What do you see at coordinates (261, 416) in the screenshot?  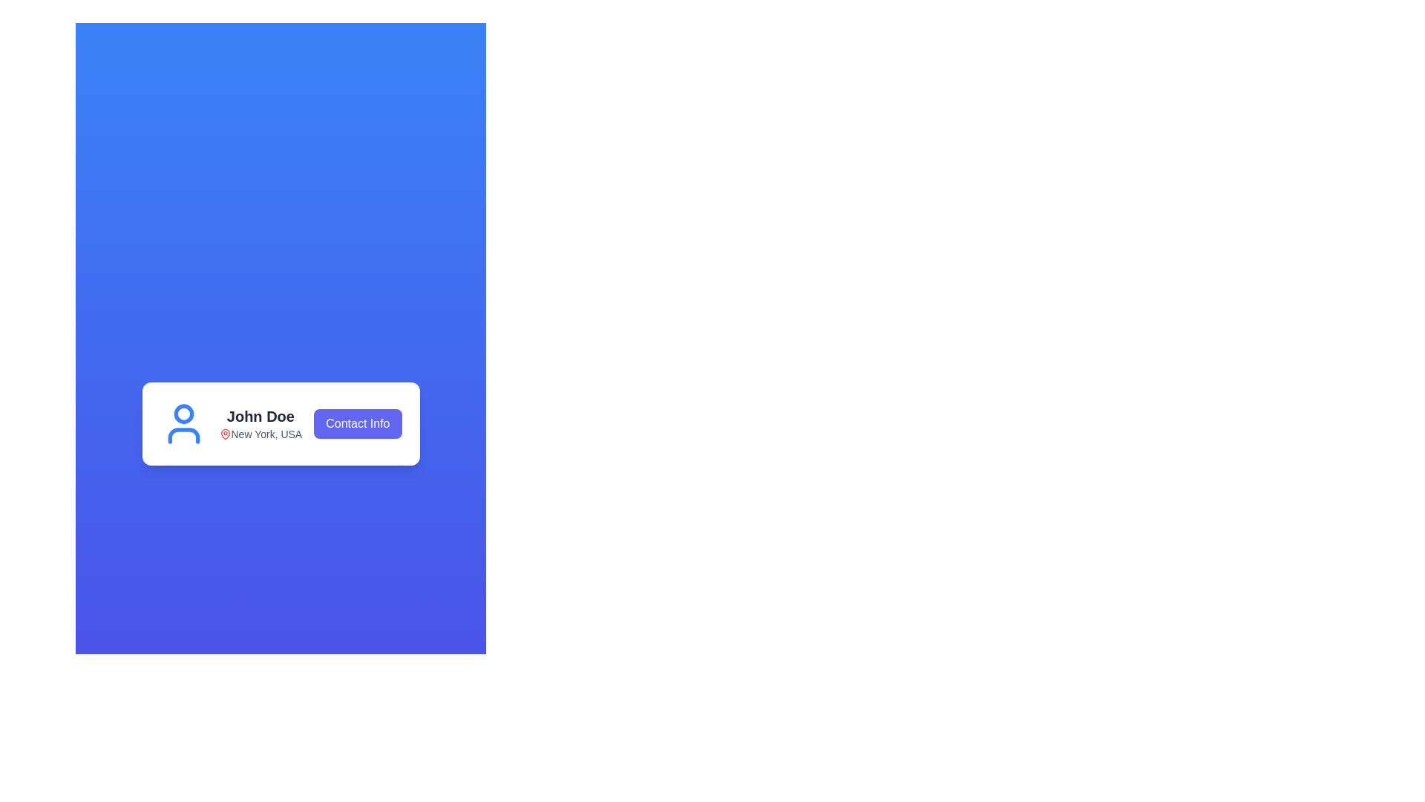 I see `the text label displaying 'John Doe' within the white card-like structure` at bounding box center [261, 416].